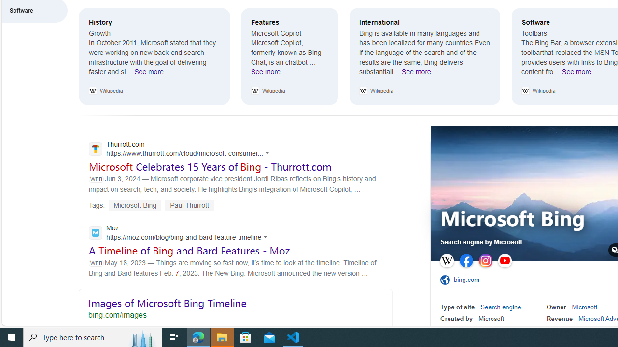 The image size is (618, 347). I want to click on 'Images of Microsoft Bing Timeline', so click(235, 307).